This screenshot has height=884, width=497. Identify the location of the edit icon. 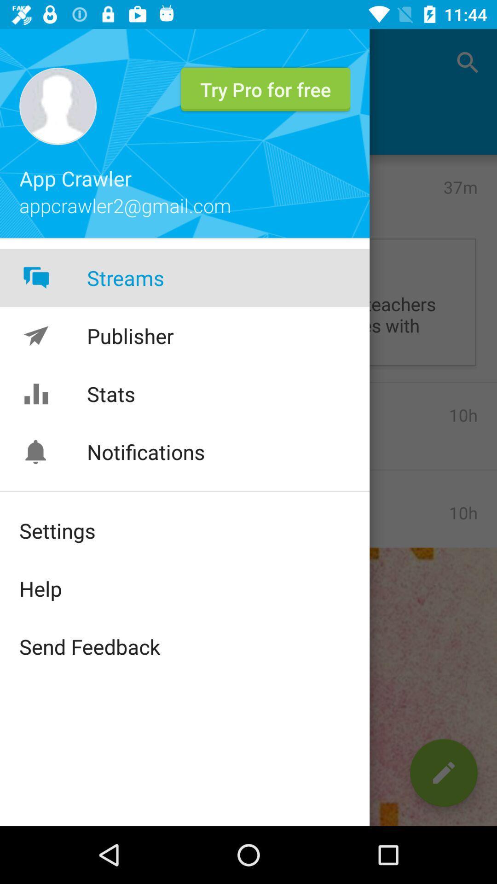
(443, 773).